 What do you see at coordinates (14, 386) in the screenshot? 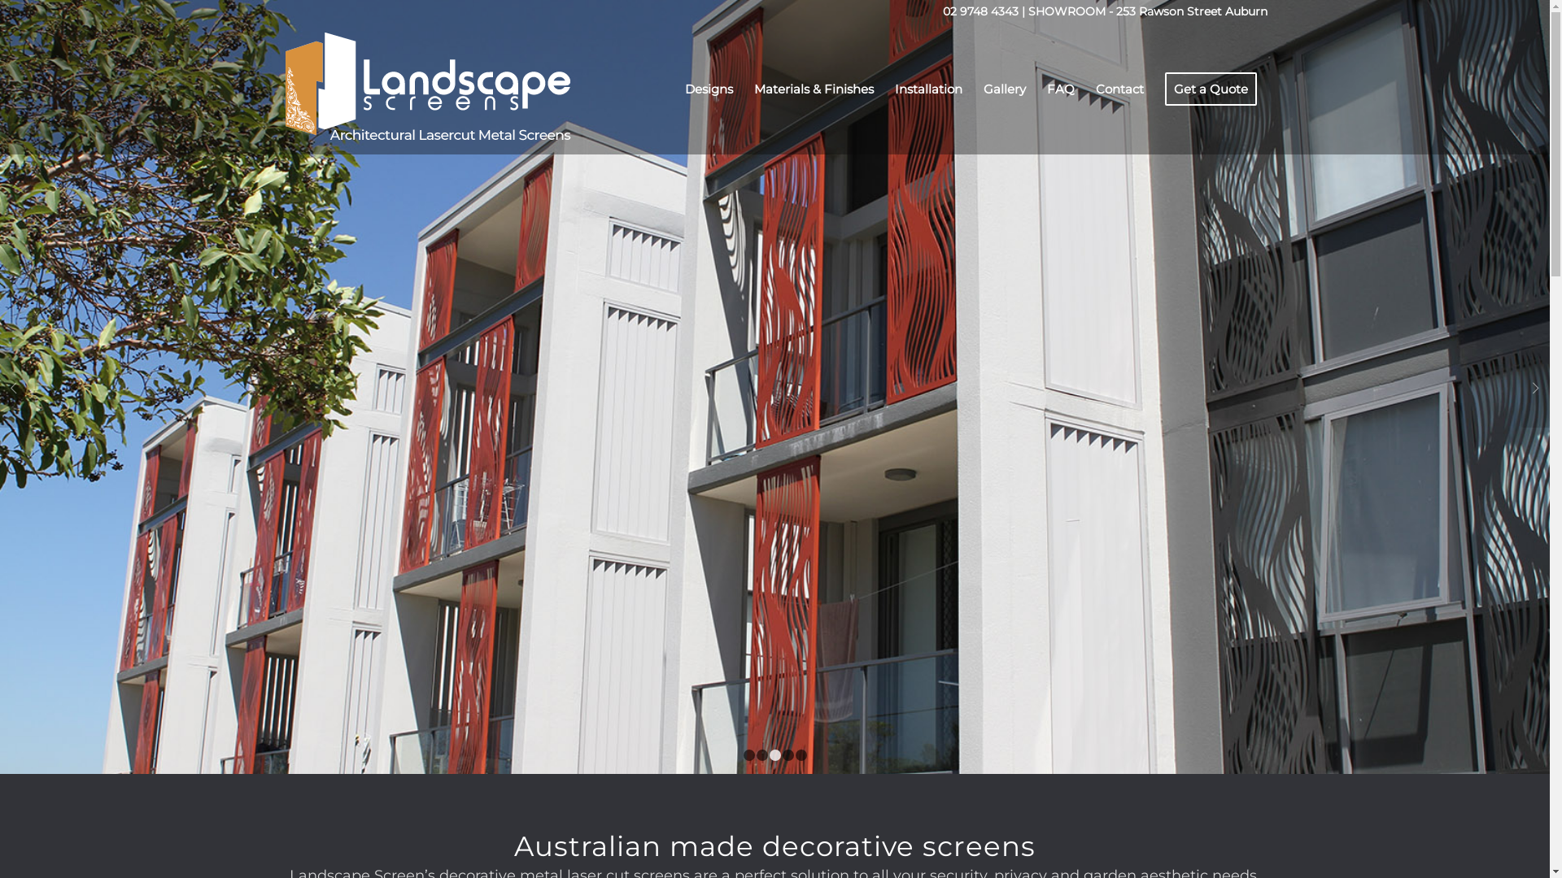
I see `'Previous'` at bounding box center [14, 386].